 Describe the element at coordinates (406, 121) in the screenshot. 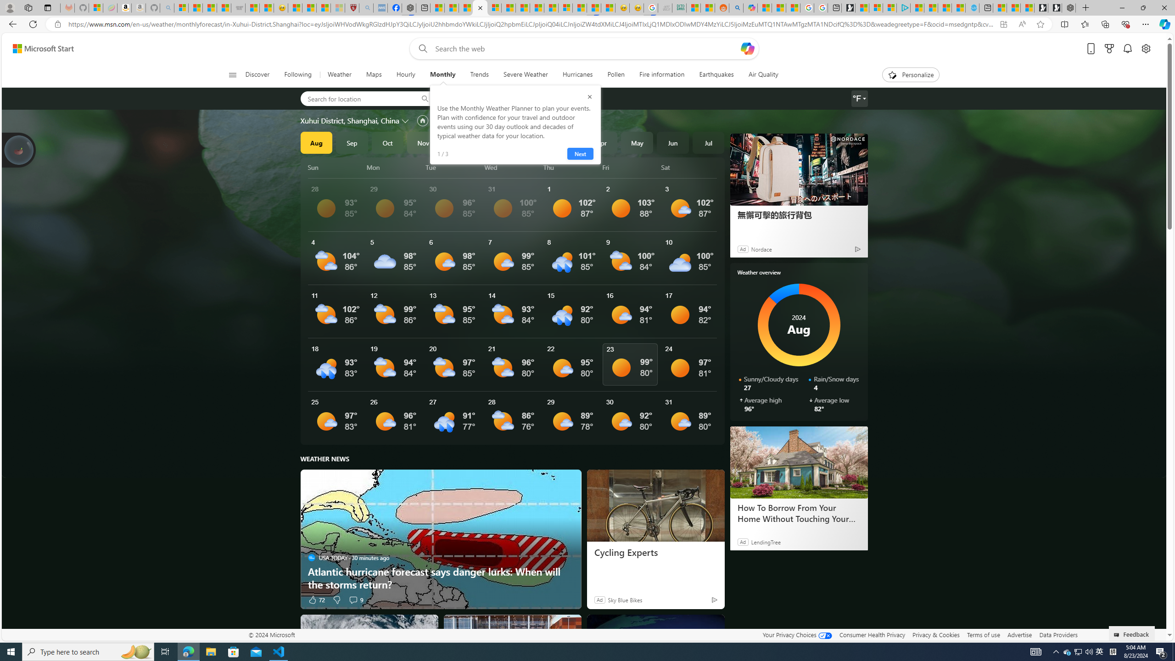

I see `'Change location'` at that location.